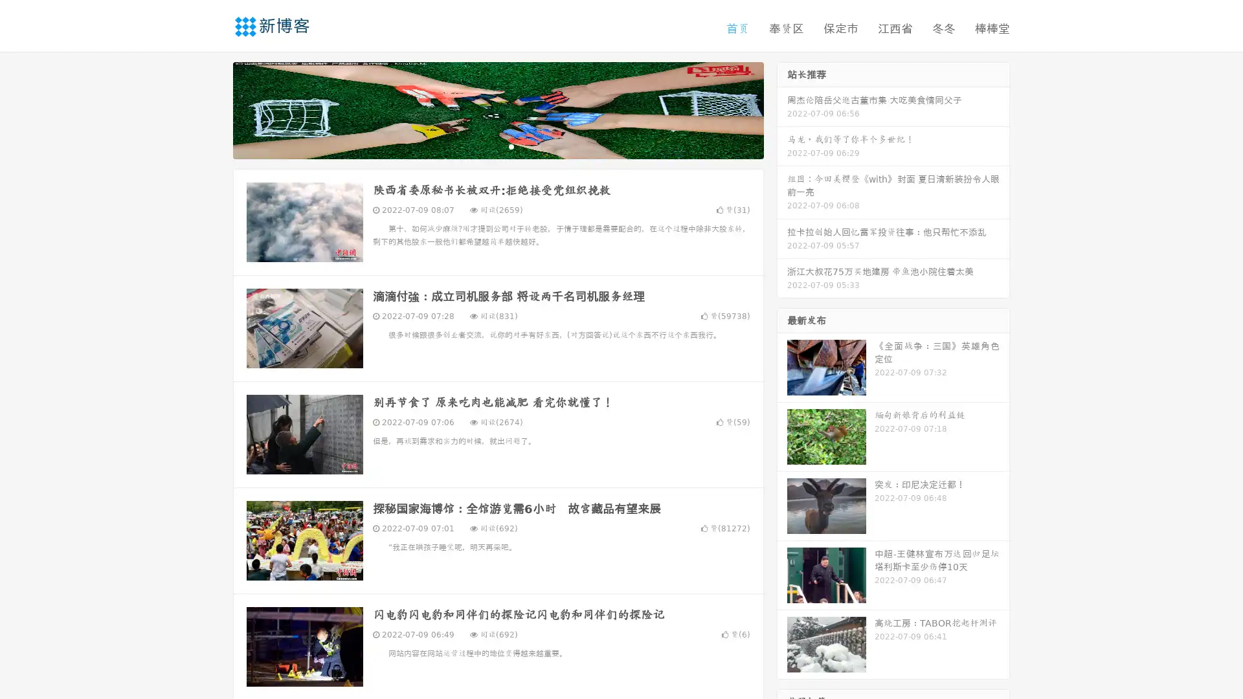  I want to click on Go to slide 1, so click(484, 146).